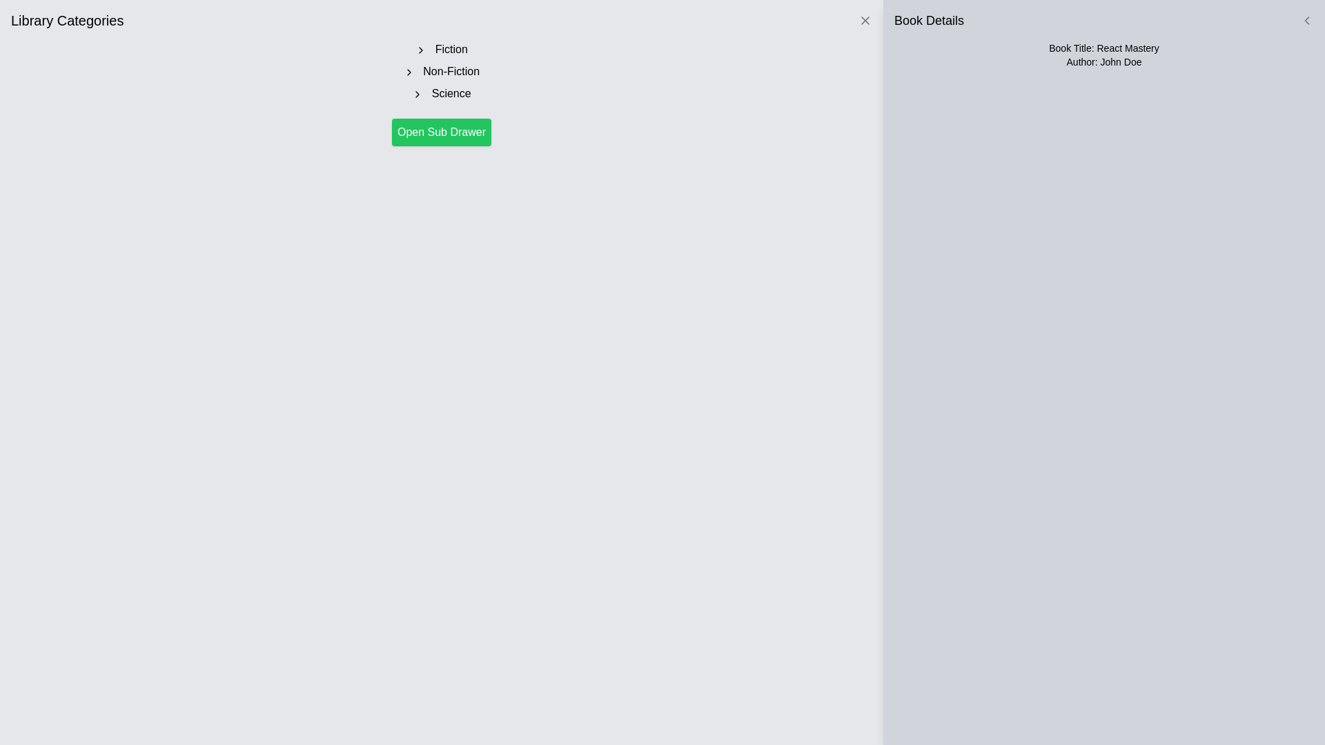 The height and width of the screenshot is (745, 1325). Describe the element at coordinates (440, 72) in the screenshot. I see `the 'Non-Fiction' label, which is the second item in a vertical list of categories` at that location.